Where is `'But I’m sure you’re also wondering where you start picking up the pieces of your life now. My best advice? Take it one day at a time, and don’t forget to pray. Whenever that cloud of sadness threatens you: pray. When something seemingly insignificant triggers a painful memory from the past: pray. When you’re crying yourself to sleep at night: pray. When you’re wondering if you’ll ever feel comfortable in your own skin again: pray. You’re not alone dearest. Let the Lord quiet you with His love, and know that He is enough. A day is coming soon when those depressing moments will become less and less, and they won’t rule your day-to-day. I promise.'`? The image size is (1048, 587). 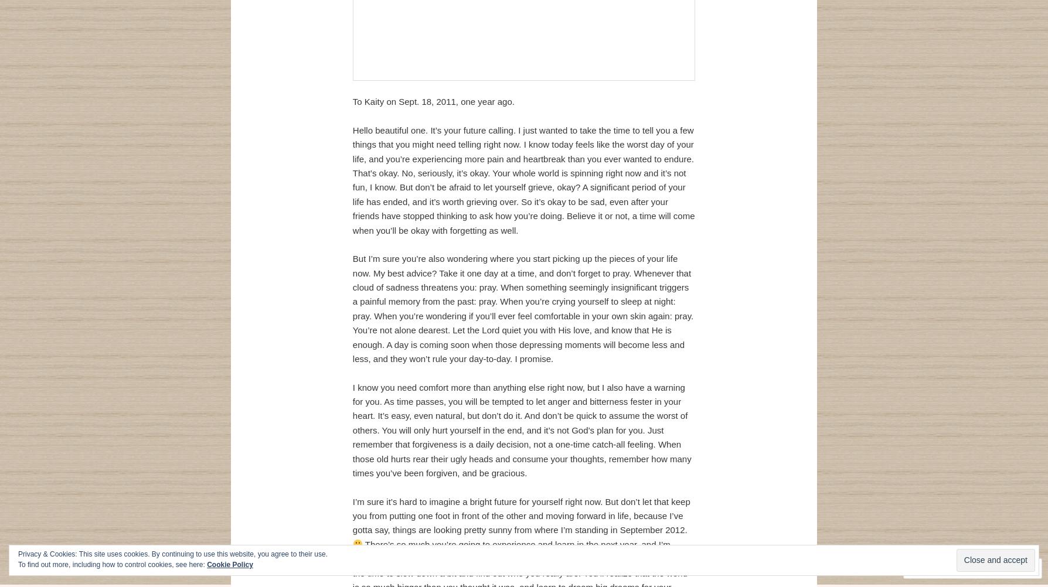
'But I’m sure you’re also wondering where you start picking up the pieces of your life now. My best advice? Take it one day at a time, and don’t forget to pray. Whenever that cloud of sadness threatens you: pray. When something seemingly insignificant triggers a painful memory from the past: pray. When you’re crying yourself to sleep at night: pray. When you’re wondering if you’ll ever feel comfortable in your own skin again: pray. You’re not alone dearest. Let the Lord quiet you with His love, and know that He is enough. A day is coming soon when those depressing moments will become less and less, and they won’t rule your day-to-day. I promise.' is located at coordinates (522, 308).